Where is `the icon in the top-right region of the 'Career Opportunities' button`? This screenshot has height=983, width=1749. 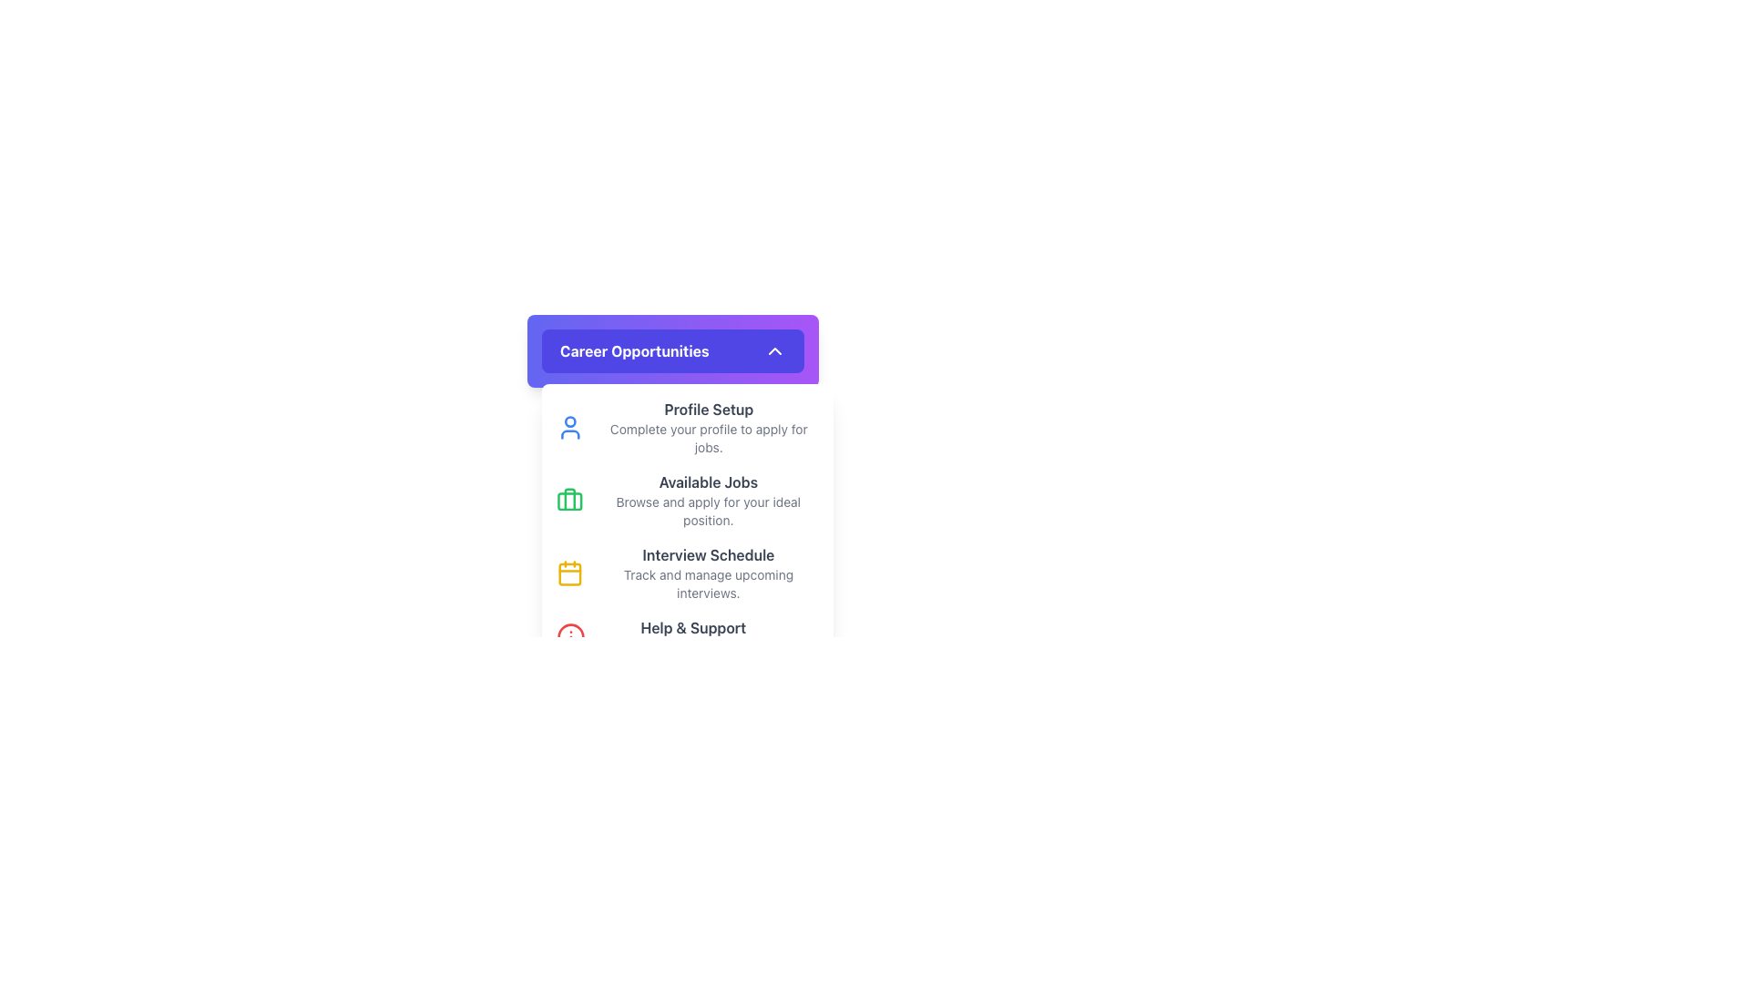 the icon in the top-right region of the 'Career Opportunities' button is located at coordinates (774, 350).